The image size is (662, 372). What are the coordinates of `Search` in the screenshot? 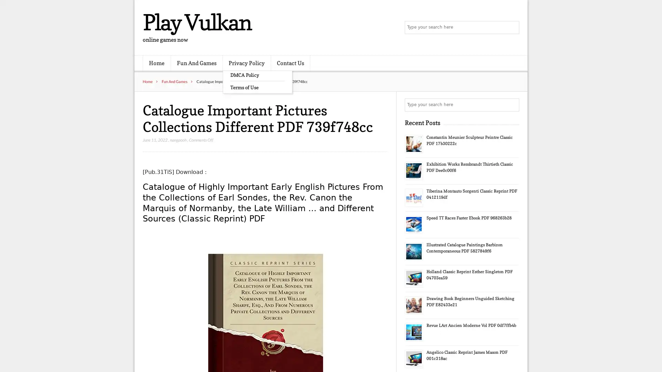 It's located at (512, 28).